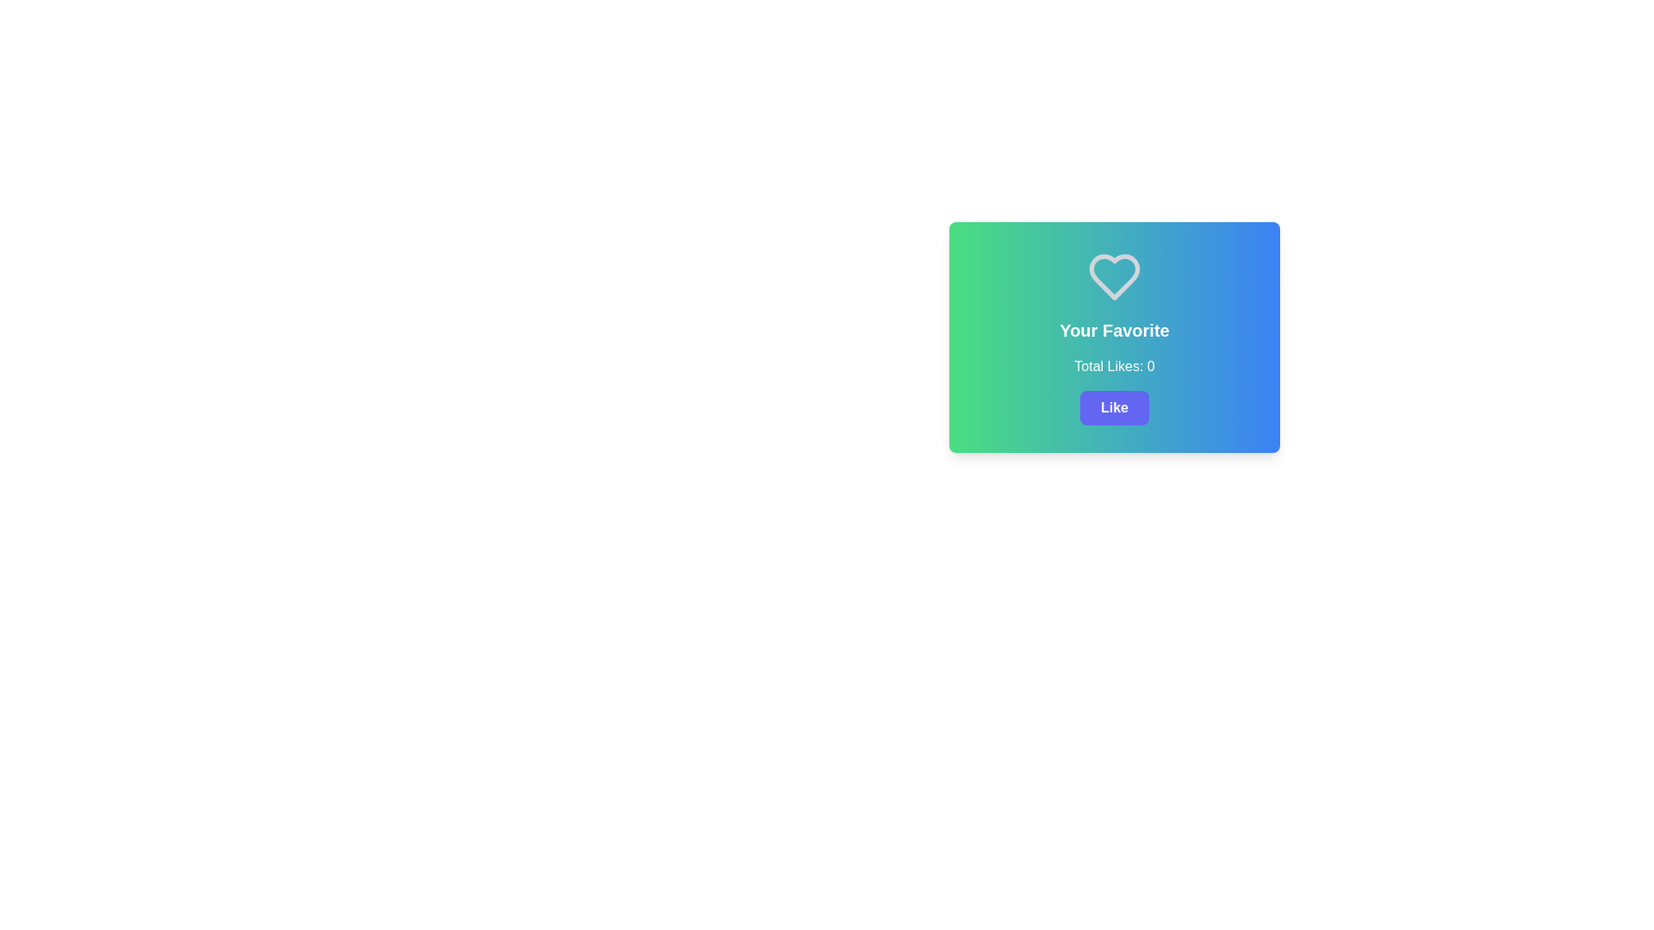 The image size is (1654, 930). What do you see at coordinates (1115, 276) in the screenshot?
I see `the heart icon located at the top section of the card, which represents favoriting or expressions of affection towards content` at bounding box center [1115, 276].